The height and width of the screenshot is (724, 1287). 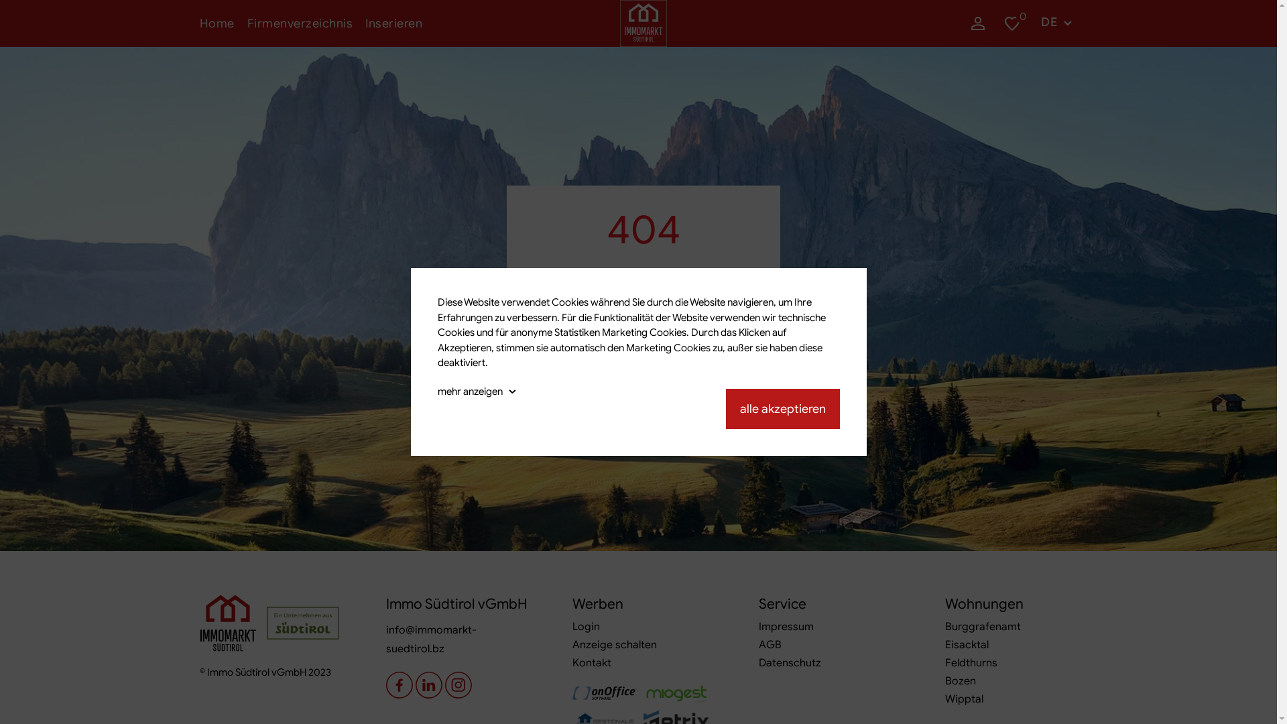 What do you see at coordinates (385, 638) in the screenshot?
I see `'info@immomarkt-suedtirol.bz'` at bounding box center [385, 638].